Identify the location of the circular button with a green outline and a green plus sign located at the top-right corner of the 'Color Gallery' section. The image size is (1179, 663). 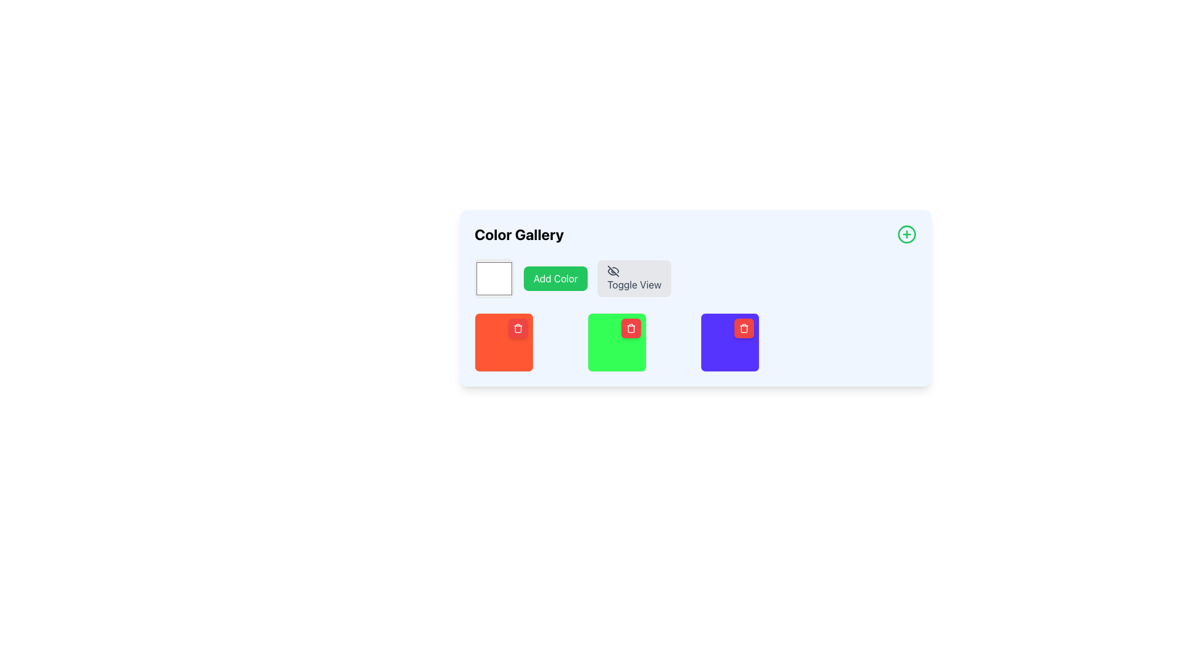
(907, 234).